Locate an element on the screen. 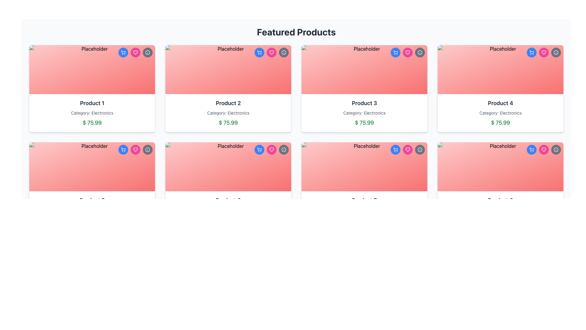 The width and height of the screenshot is (586, 330). the price text of 'Product 2' is located at coordinates (228, 123).